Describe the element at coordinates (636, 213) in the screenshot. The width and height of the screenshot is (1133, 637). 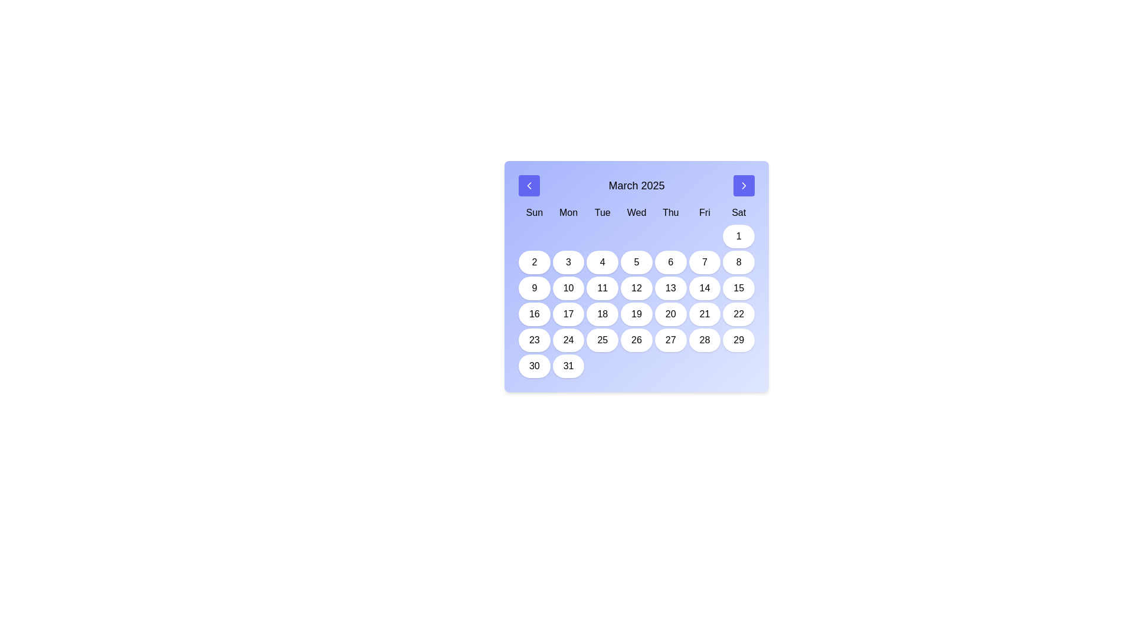
I see `the static text label displaying 'Wednesday', which is the fourth item in the calendar's grid of day labels` at that location.